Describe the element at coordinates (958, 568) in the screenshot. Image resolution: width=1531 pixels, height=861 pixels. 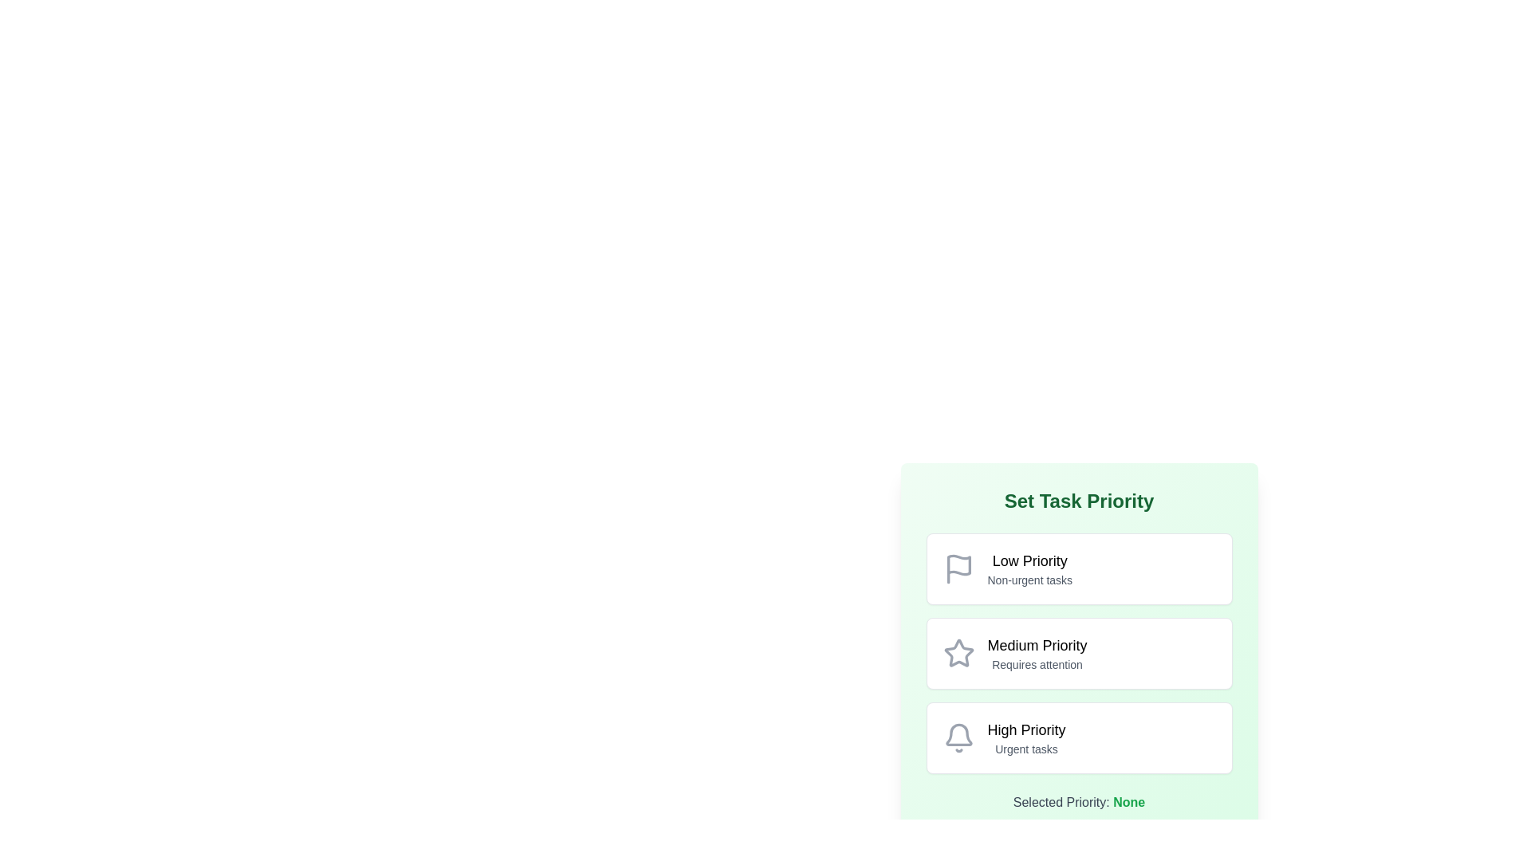
I see `the 'Low Priority' task icon, which is located on the left side of the 'Low Priority' label in the topmost card of the priority cards` at that location.